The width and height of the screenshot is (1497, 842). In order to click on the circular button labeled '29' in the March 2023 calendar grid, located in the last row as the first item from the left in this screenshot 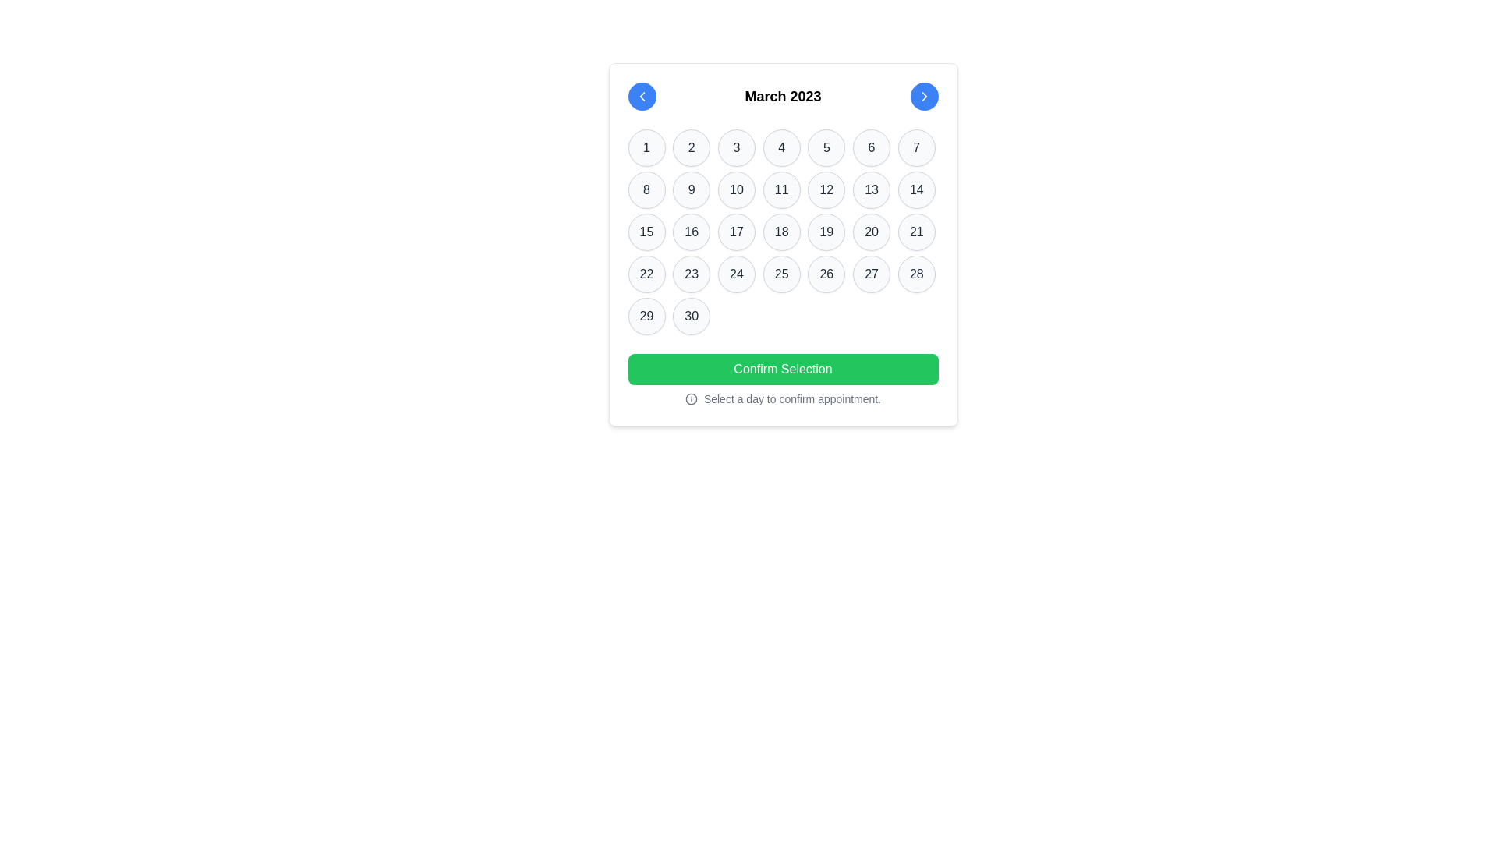, I will do `click(646, 316)`.